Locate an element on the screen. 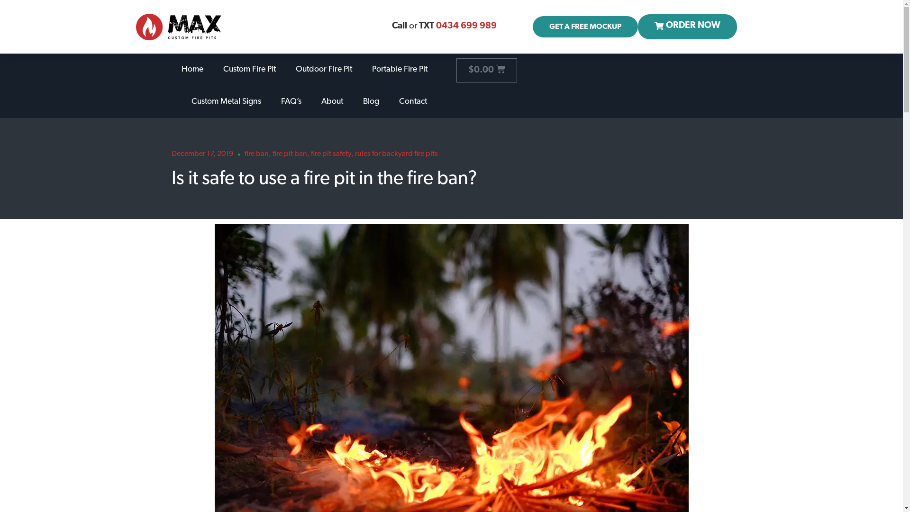 The image size is (910, 512). 'GET A FREE MOCKUP' is located at coordinates (584, 26).